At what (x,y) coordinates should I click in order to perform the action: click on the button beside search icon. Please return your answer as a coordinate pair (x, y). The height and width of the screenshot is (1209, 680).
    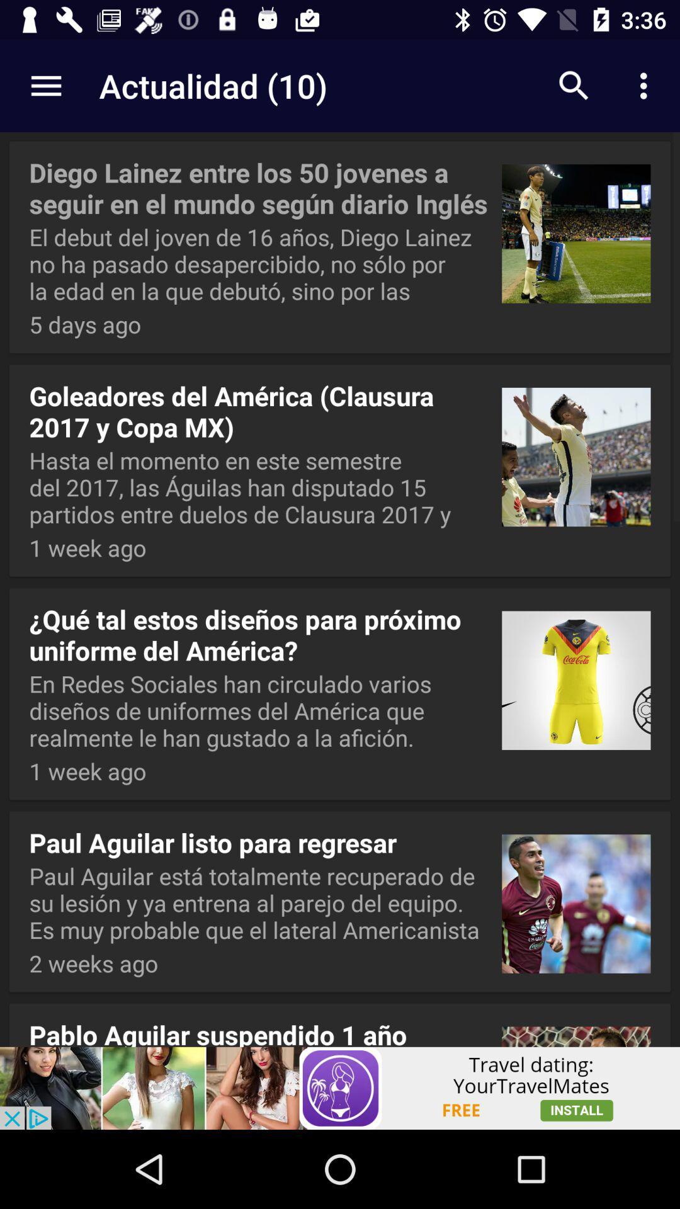
    Looking at the image, I should click on (647, 86).